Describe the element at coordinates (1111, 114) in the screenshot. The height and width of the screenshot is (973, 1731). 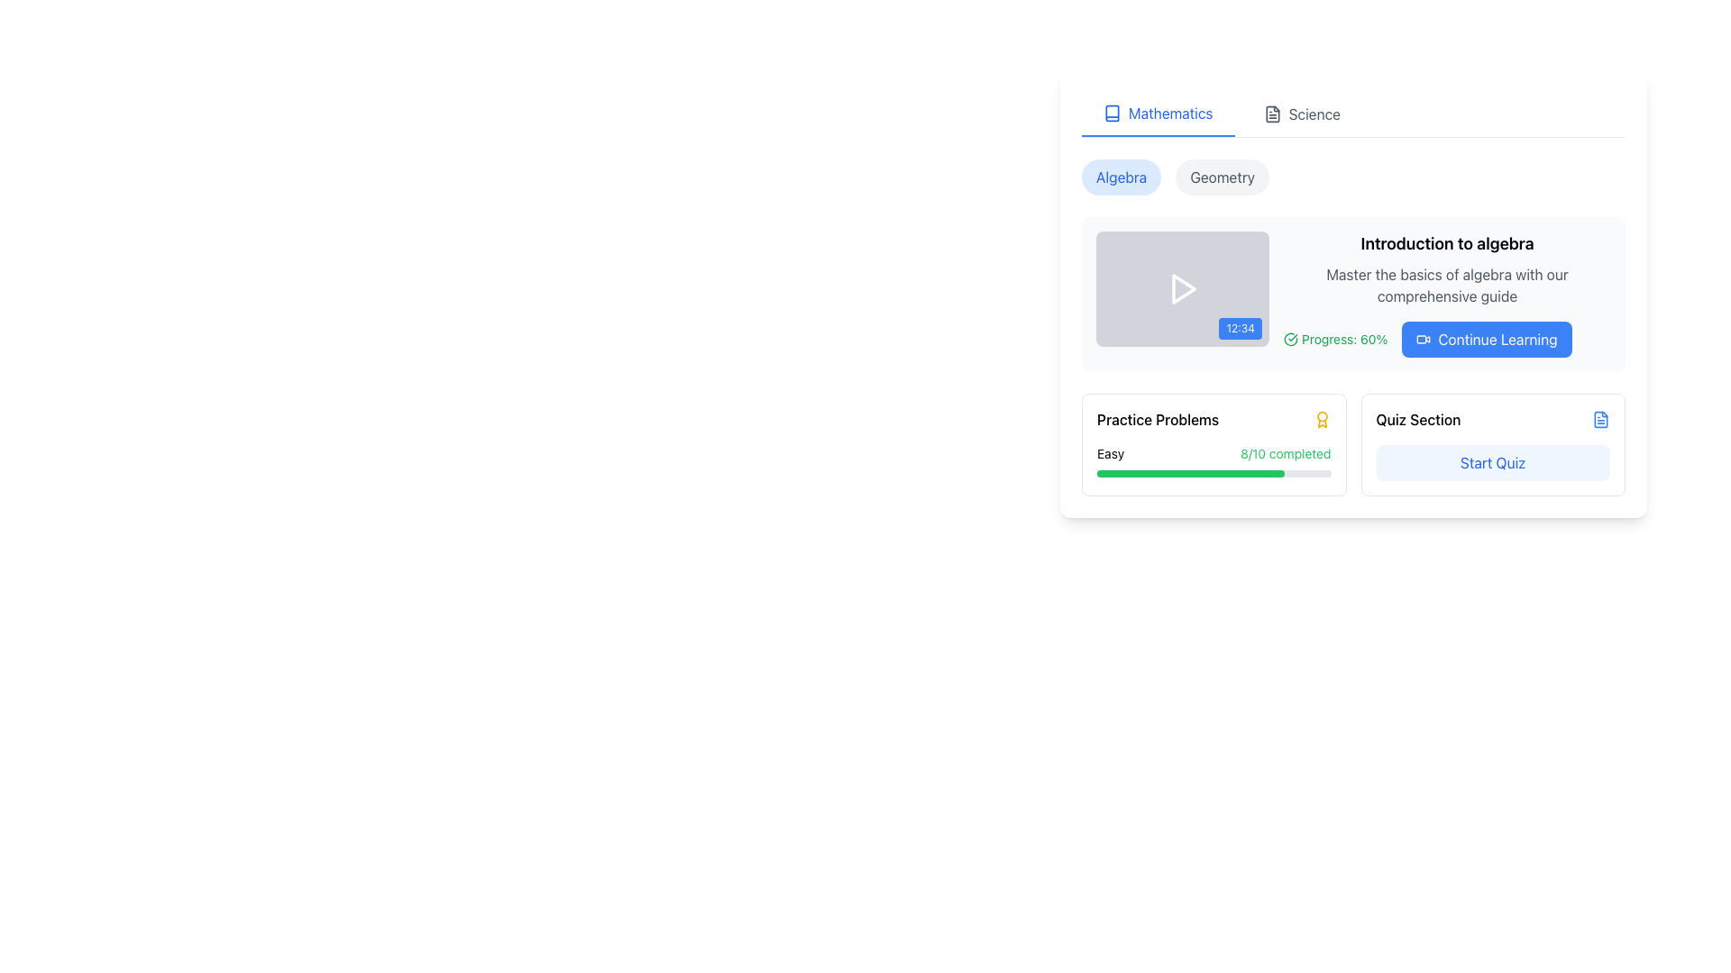
I see `the SVG icon representing the 'Mathematics' category located on the top navigation bar` at that location.